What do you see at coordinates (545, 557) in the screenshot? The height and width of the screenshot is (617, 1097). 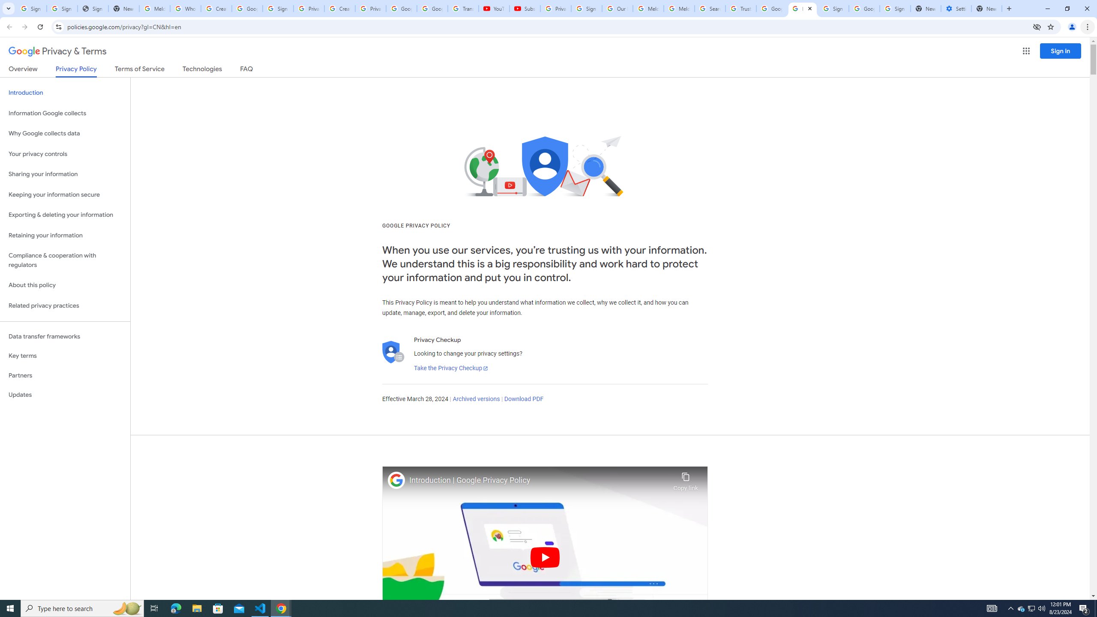 I see `'Play'` at bounding box center [545, 557].